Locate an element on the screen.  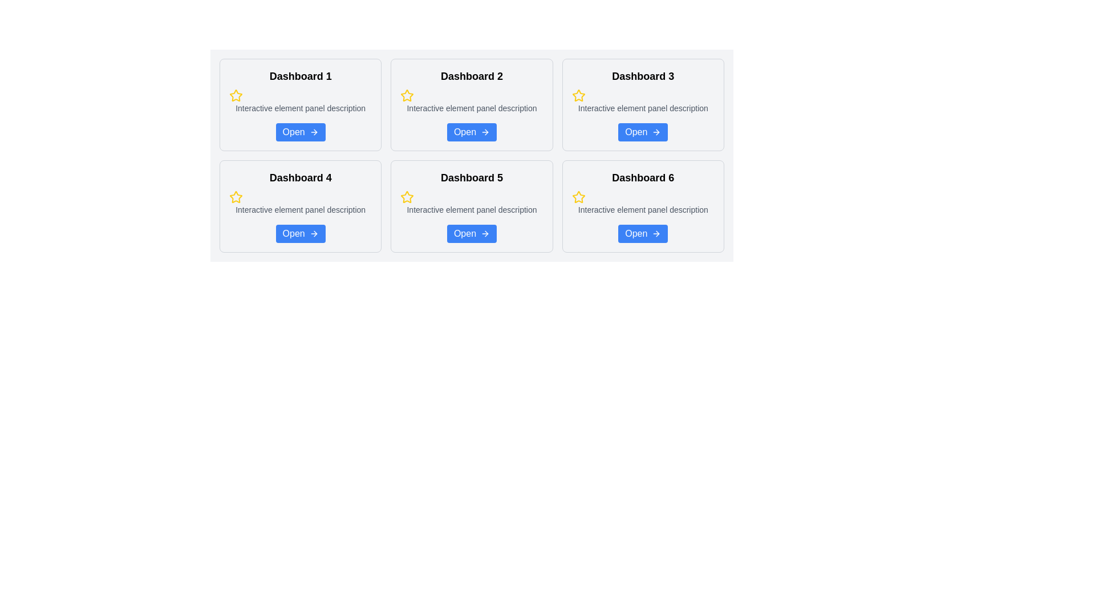
the button located below the text 'Dashboard 3' is located at coordinates (643, 131).